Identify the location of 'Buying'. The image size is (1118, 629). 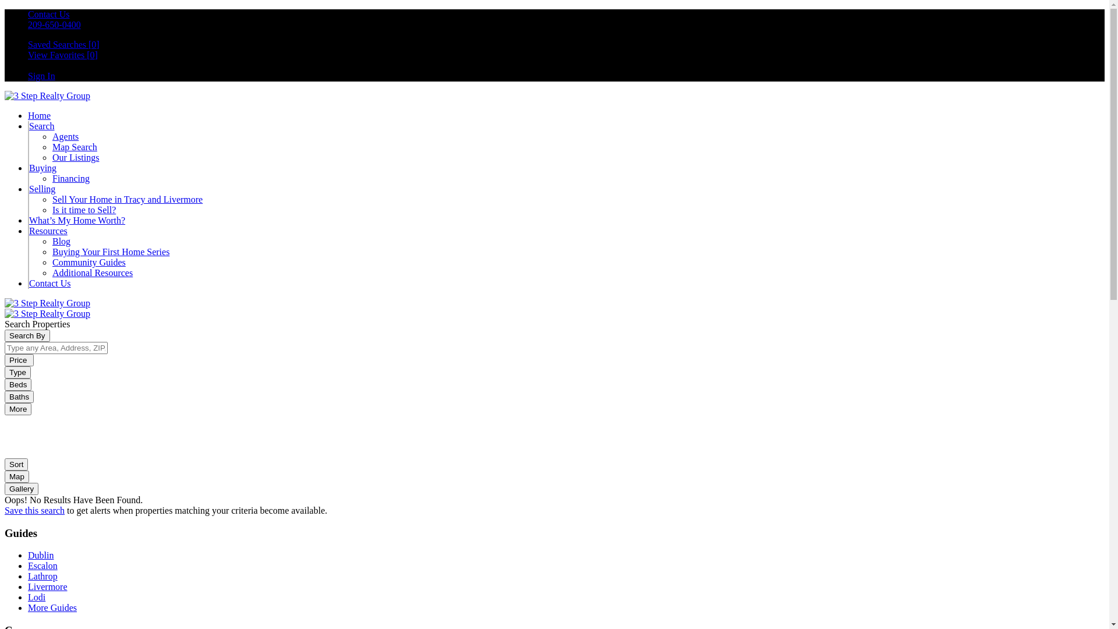
(29, 168).